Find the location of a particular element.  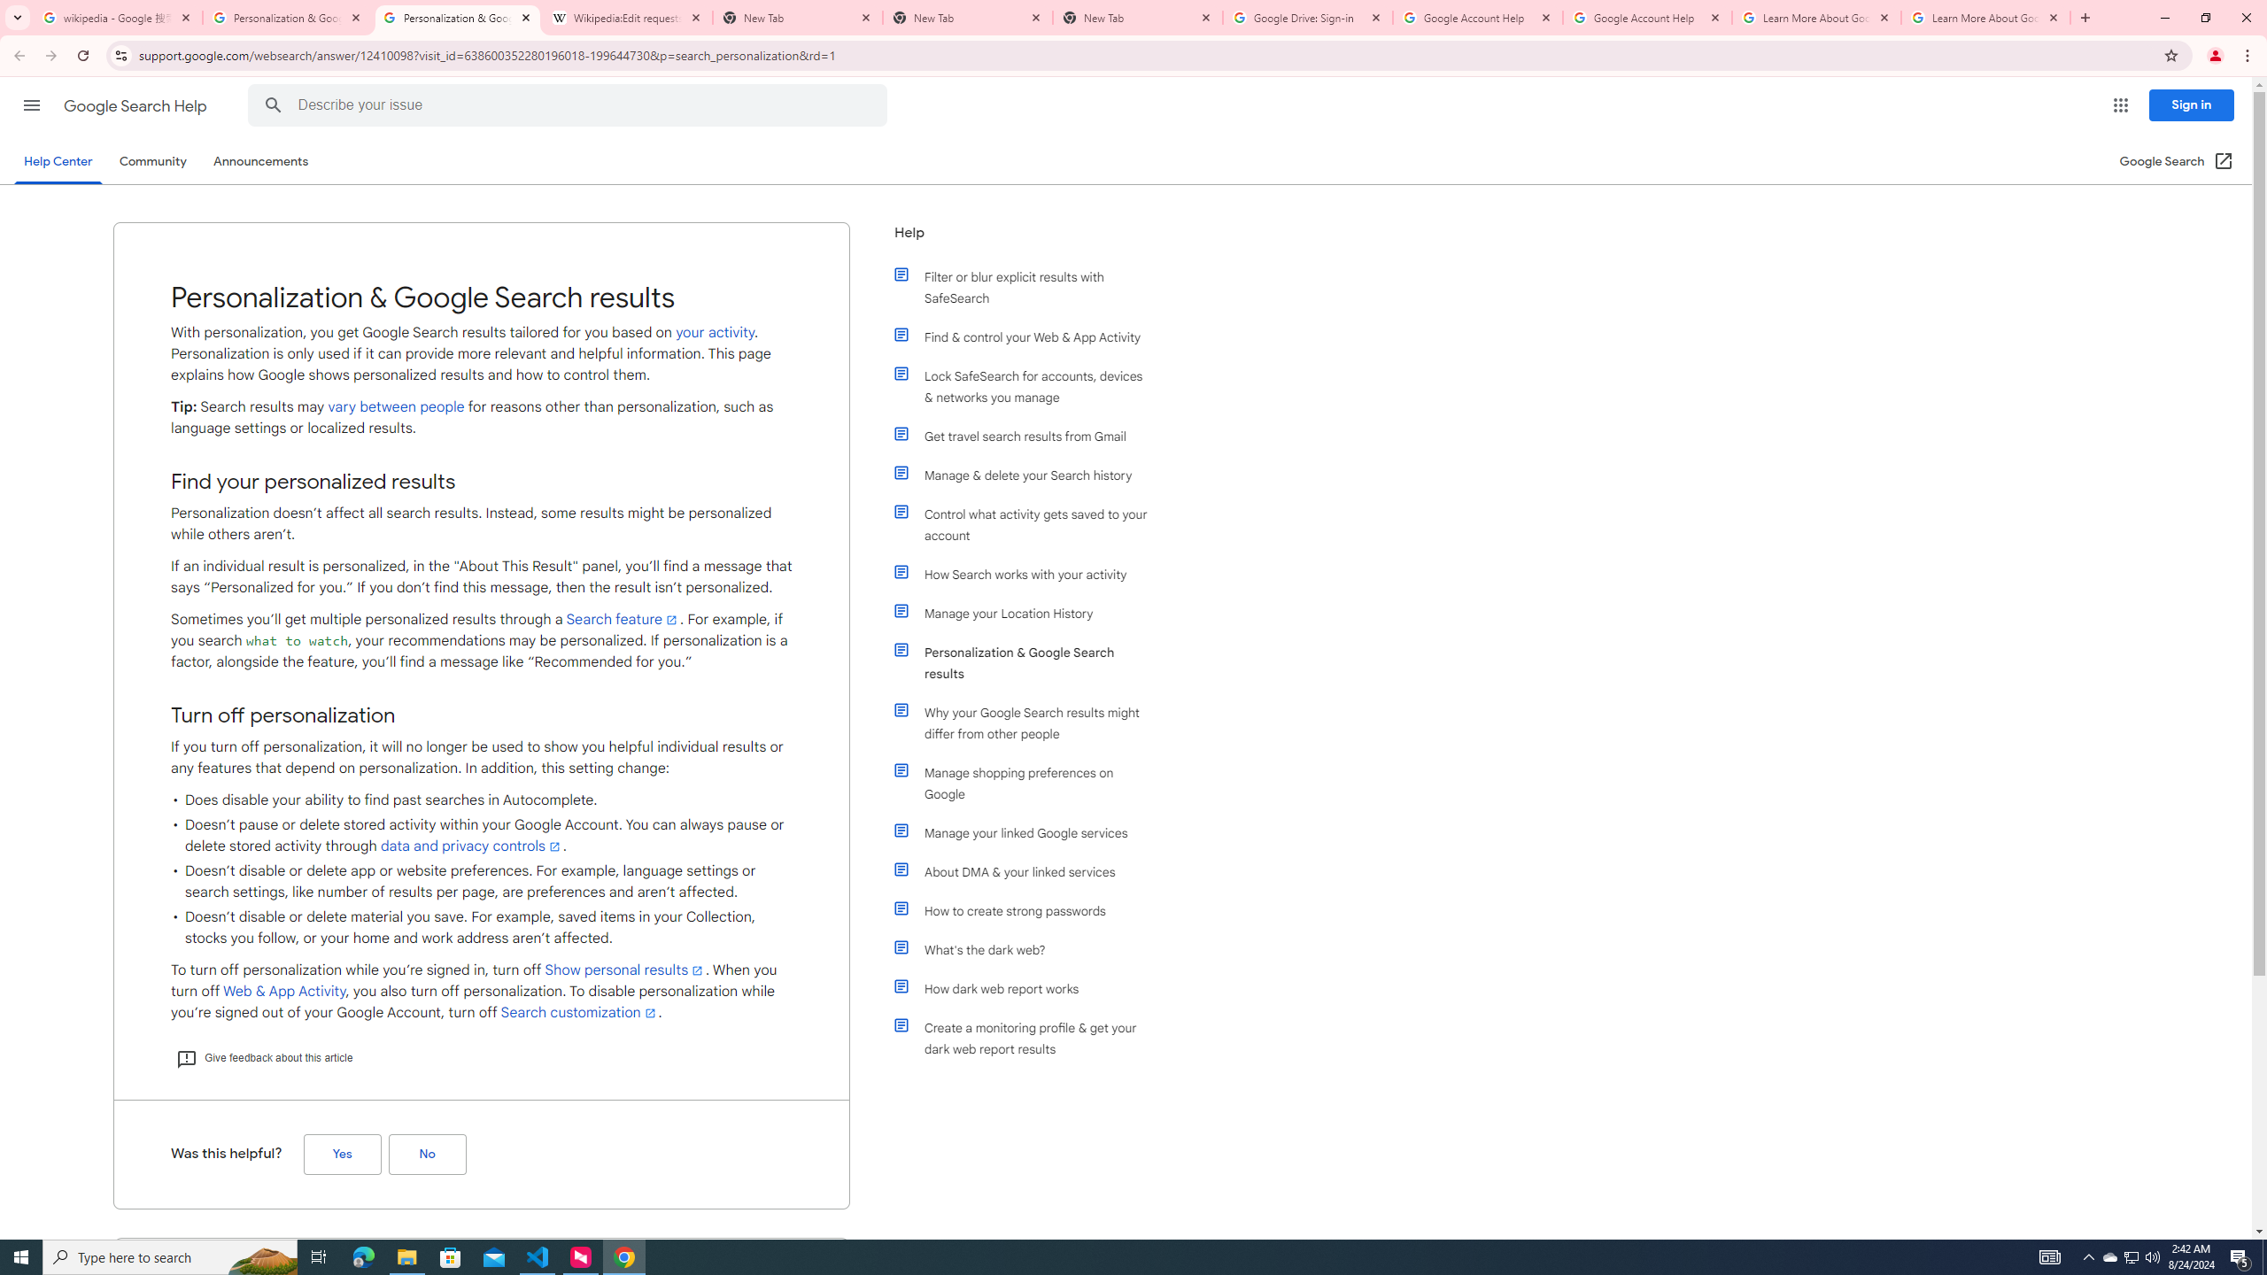

'Filter or blur explicit results with SafeSearch' is located at coordinates (1029, 286).